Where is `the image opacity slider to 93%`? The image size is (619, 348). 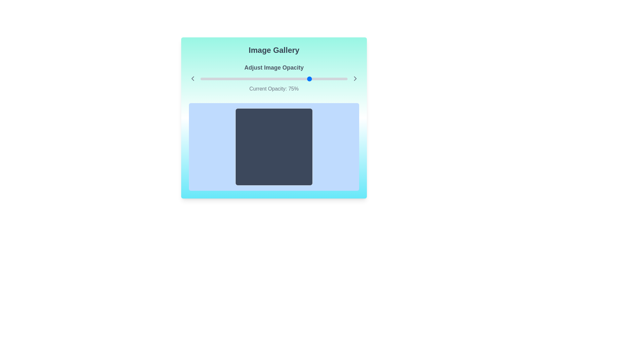
the image opacity slider to 93% is located at coordinates (337, 79).